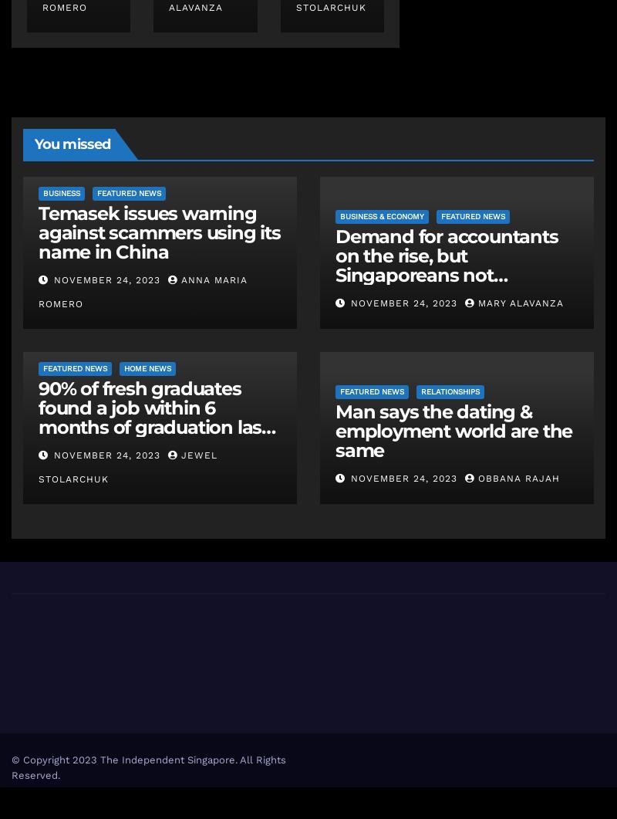  What do you see at coordinates (159, 232) in the screenshot?
I see `'Temasek issues warning against scammers using its name in China'` at bounding box center [159, 232].